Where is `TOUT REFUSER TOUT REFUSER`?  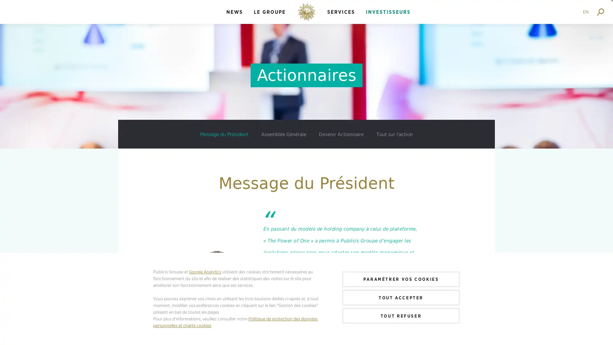
TOUT REFUSER TOUT REFUSER is located at coordinates (401, 315).